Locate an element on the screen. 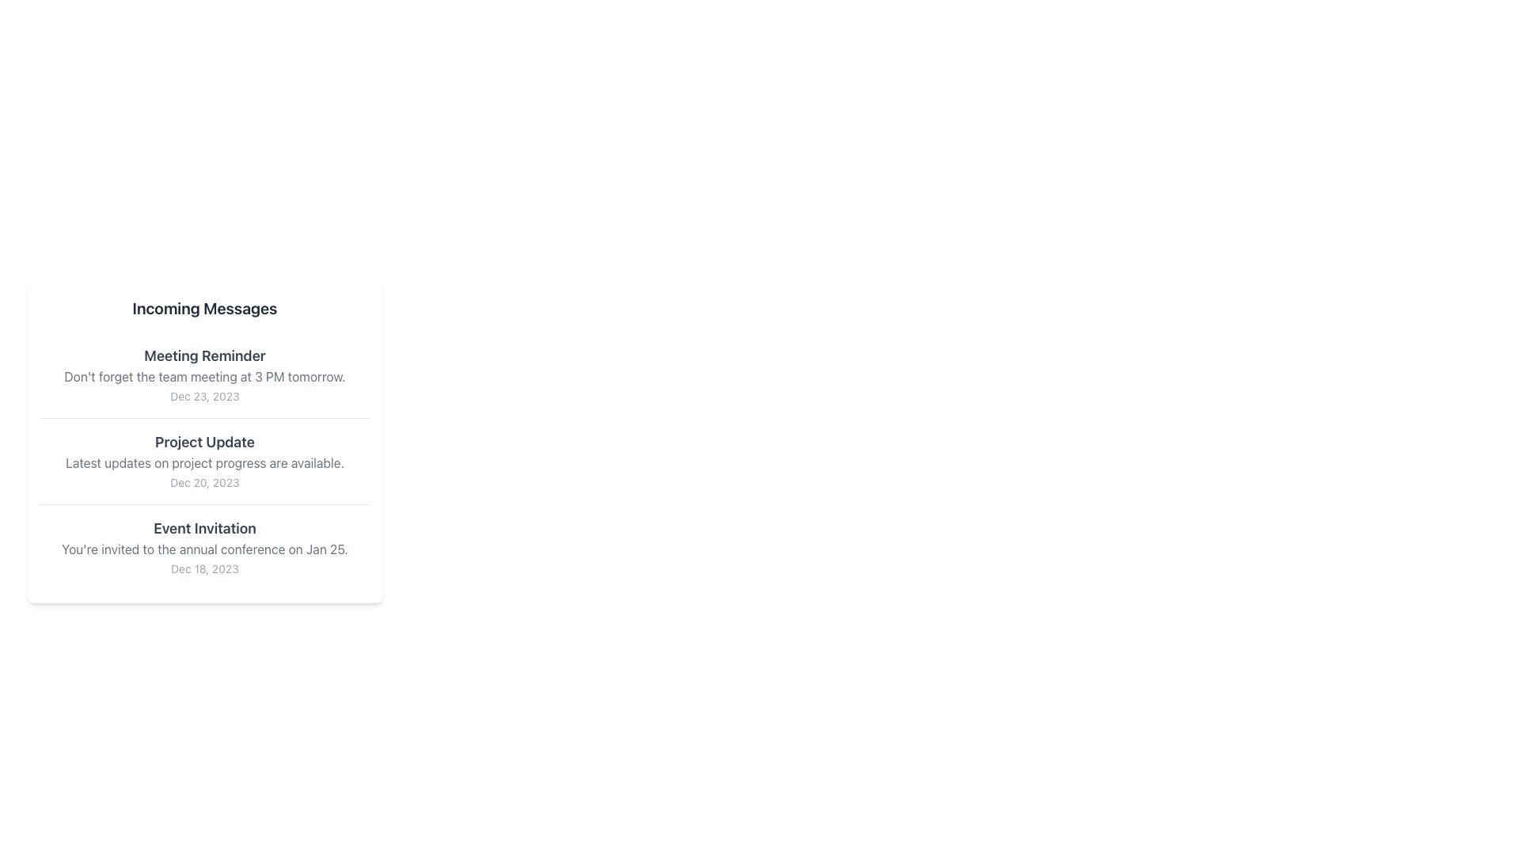  the text label displaying 'Dec 18, 2023', which is styled in a smaller font size and lighter gray shade, located at the bottom of the 'Event Invitation' section, beneath the invitation sentence is located at coordinates (204, 568).